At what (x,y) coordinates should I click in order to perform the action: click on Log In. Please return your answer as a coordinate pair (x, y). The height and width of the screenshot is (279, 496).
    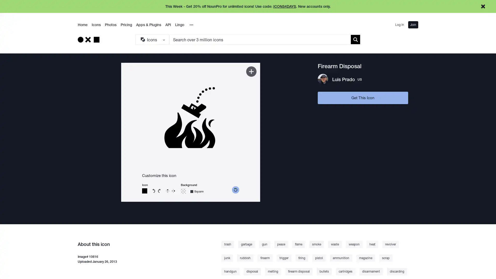
    Looking at the image, I should click on (399, 25).